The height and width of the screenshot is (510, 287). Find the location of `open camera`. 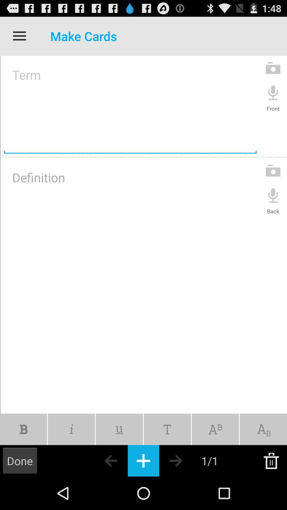

open camera is located at coordinates (273, 171).